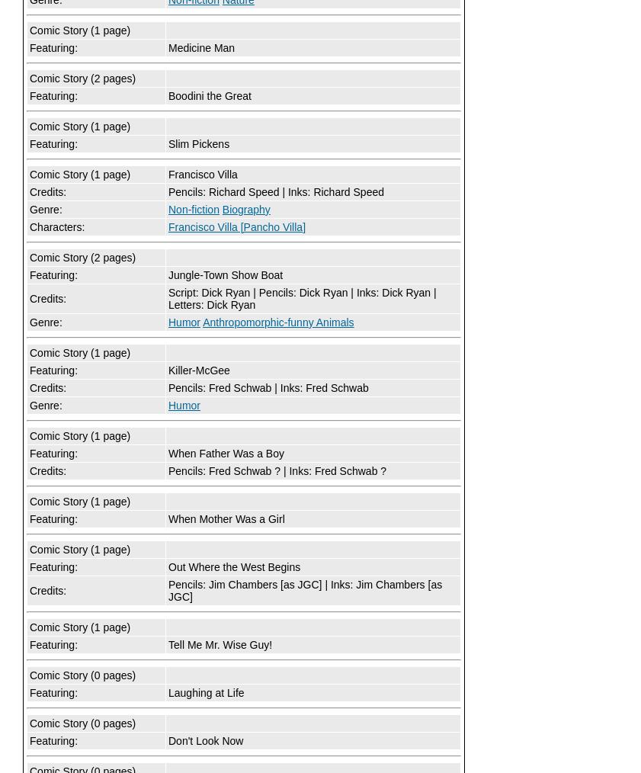 Image resolution: width=641 pixels, height=773 pixels. What do you see at coordinates (209, 96) in the screenshot?
I see `'Boodini the Great'` at bounding box center [209, 96].